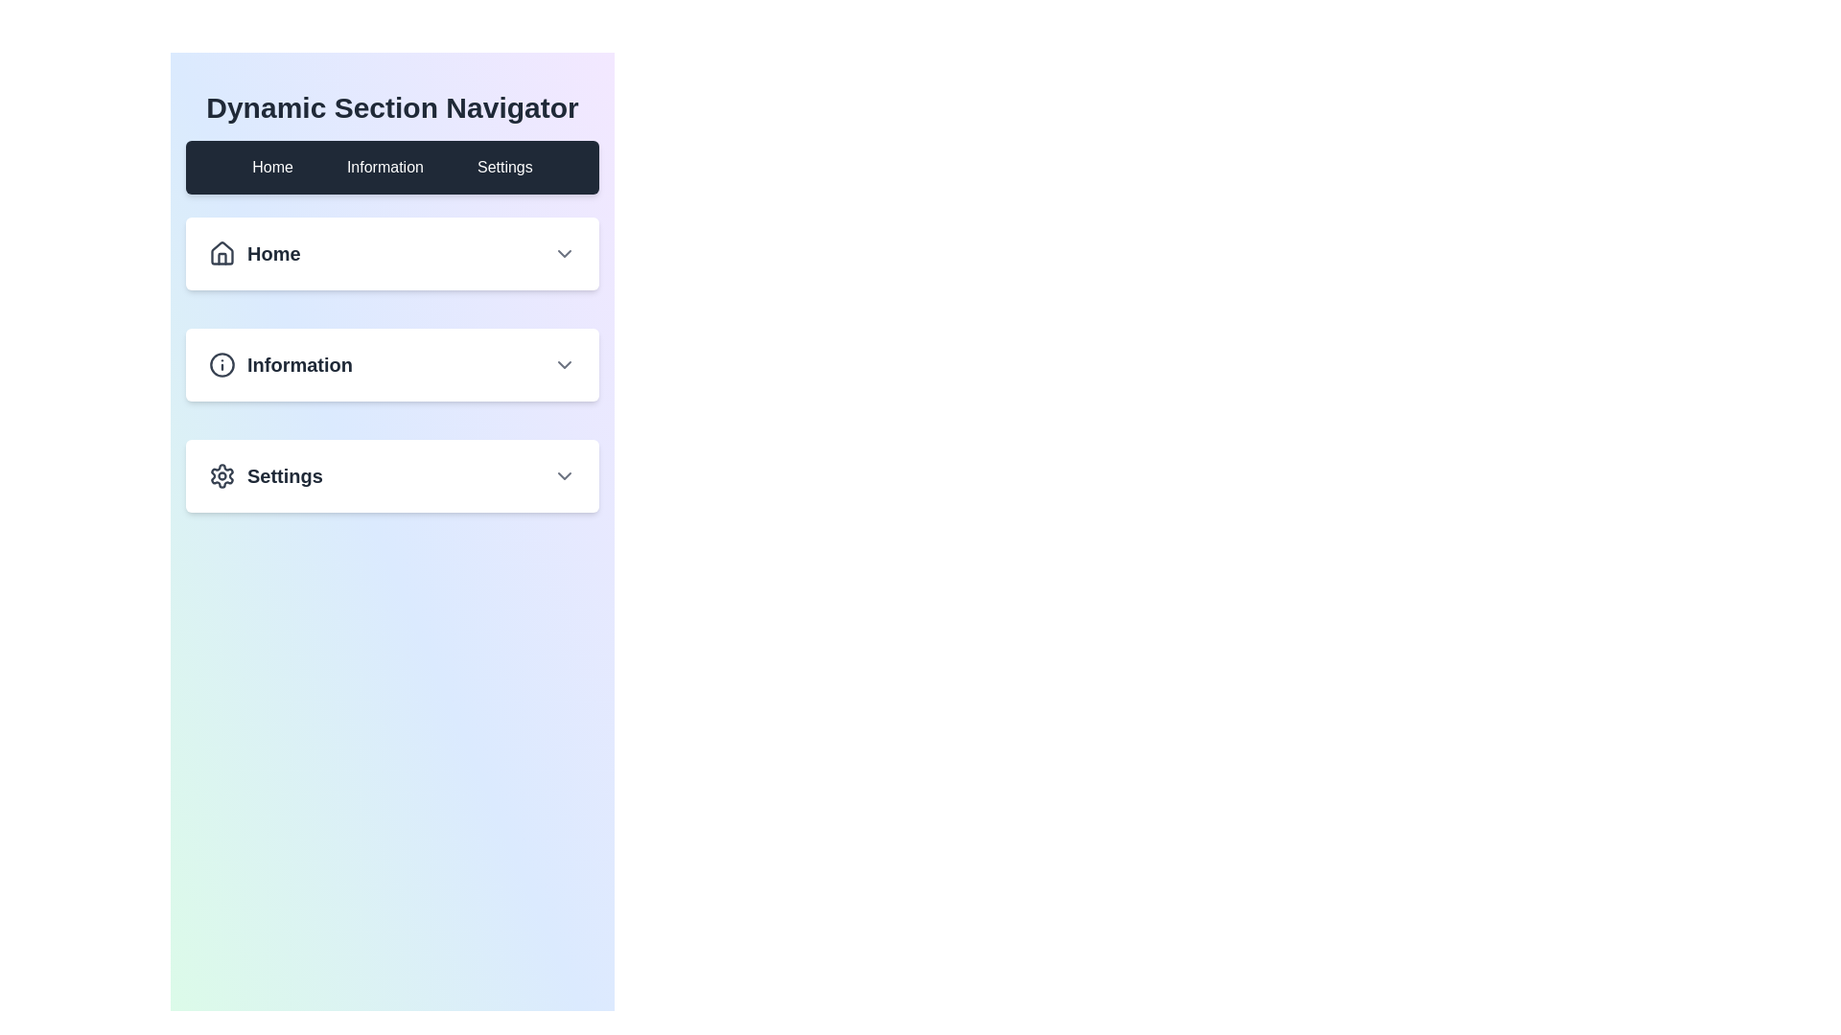  What do you see at coordinates (221, 475) in the screenshot?
I see `the gear-shaped settings icon located in the third collapsible card section labeled 'Settings' to interact with it` at bounding box center [221, 475].